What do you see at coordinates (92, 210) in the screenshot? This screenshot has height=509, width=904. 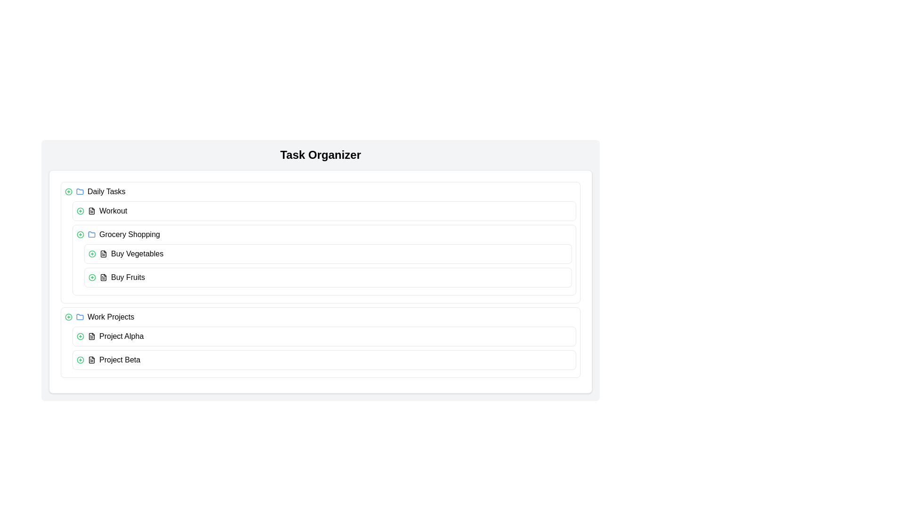 I see `the document icon located at the second position in the 'Workout' item of the 'Daily Tasks' list, which resembles a file outline and is positioned to the left of the 'Workout' label` at bounding box center [92, 210].